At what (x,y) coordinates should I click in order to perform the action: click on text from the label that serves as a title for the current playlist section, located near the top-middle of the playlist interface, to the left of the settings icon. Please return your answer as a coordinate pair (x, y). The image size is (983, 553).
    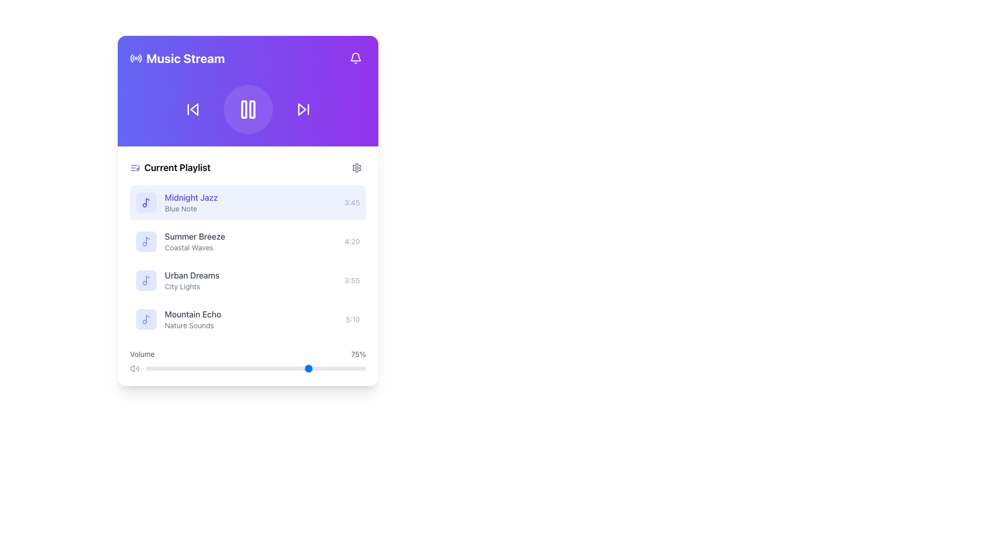
    Looking at the image, I should click on (170, 167).